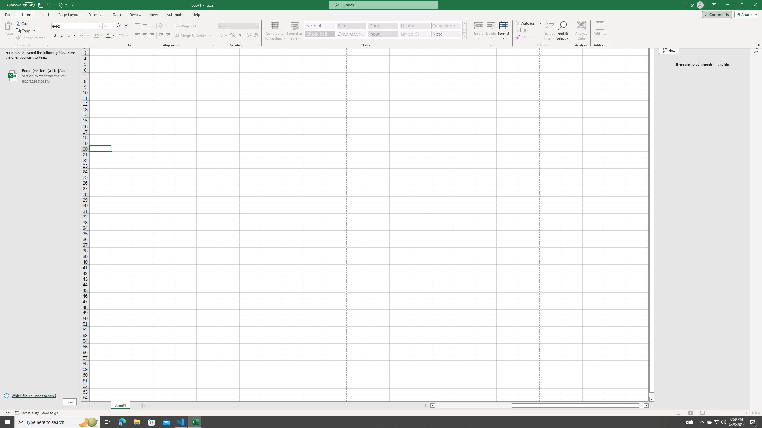 The width and height of the screenshot is (762, 428). What do you see at coordinates (195, 421) in the screenshot?
I see `'Excel - 2 running windows'` at bounding box center [195, 421].